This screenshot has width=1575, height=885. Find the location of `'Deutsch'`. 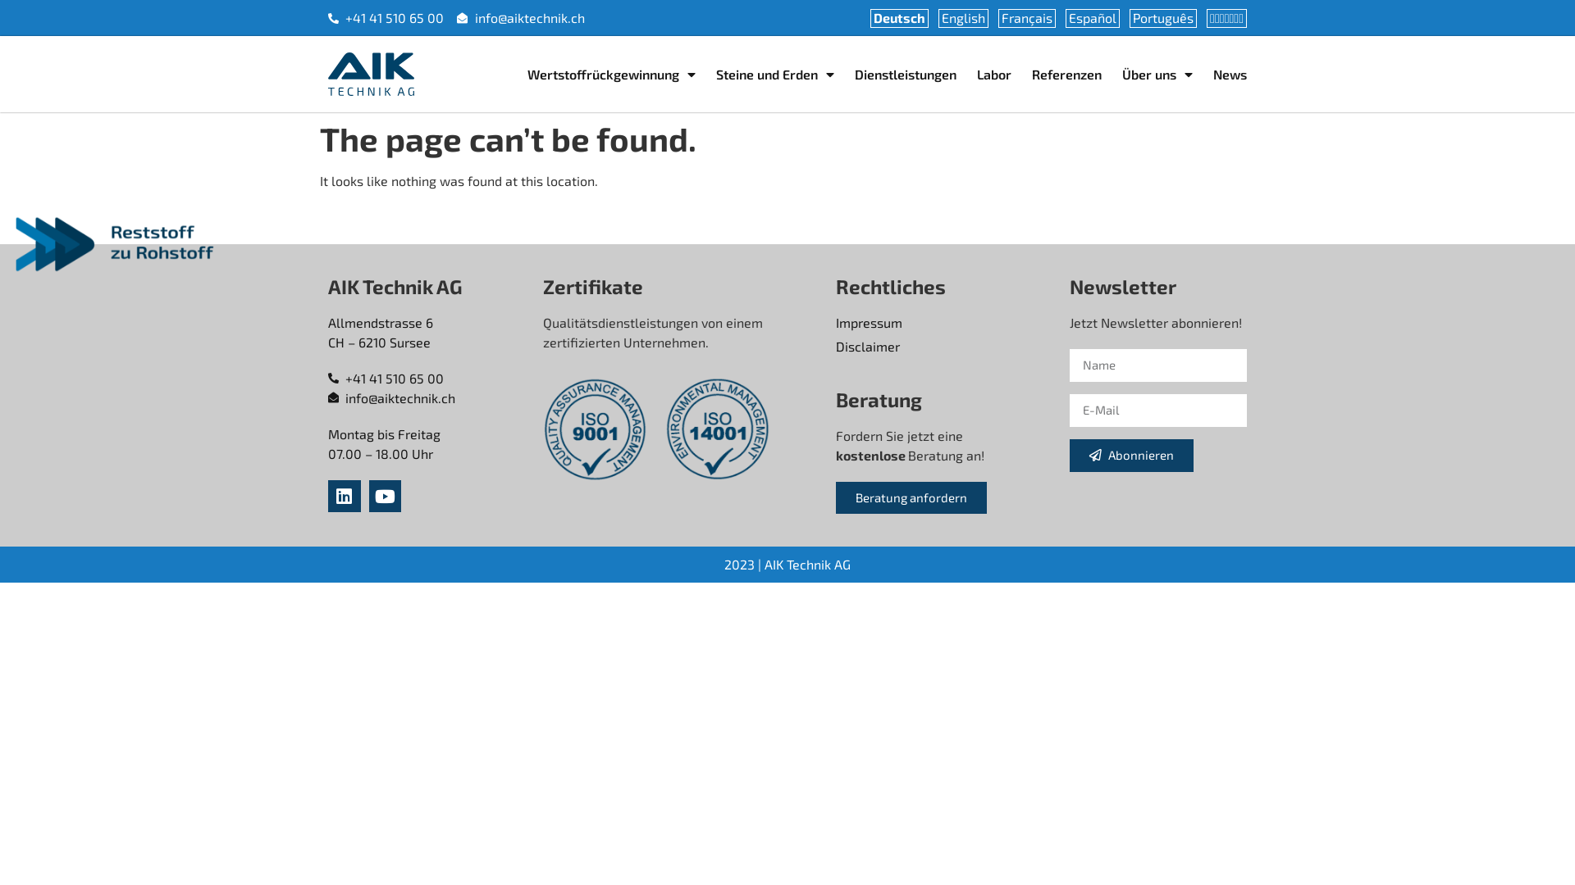

'Deutsch' is located at coordinates (898, 18).